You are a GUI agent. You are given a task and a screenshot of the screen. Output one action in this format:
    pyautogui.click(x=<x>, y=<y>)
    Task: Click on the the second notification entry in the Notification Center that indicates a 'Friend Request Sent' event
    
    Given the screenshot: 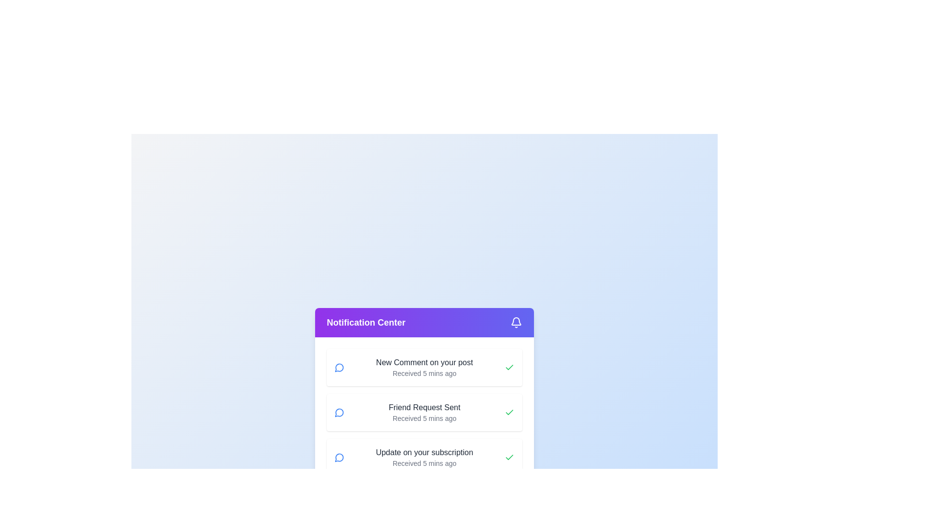 What is the action you would take?
    pyautogui.click(x=424, y=413)
    